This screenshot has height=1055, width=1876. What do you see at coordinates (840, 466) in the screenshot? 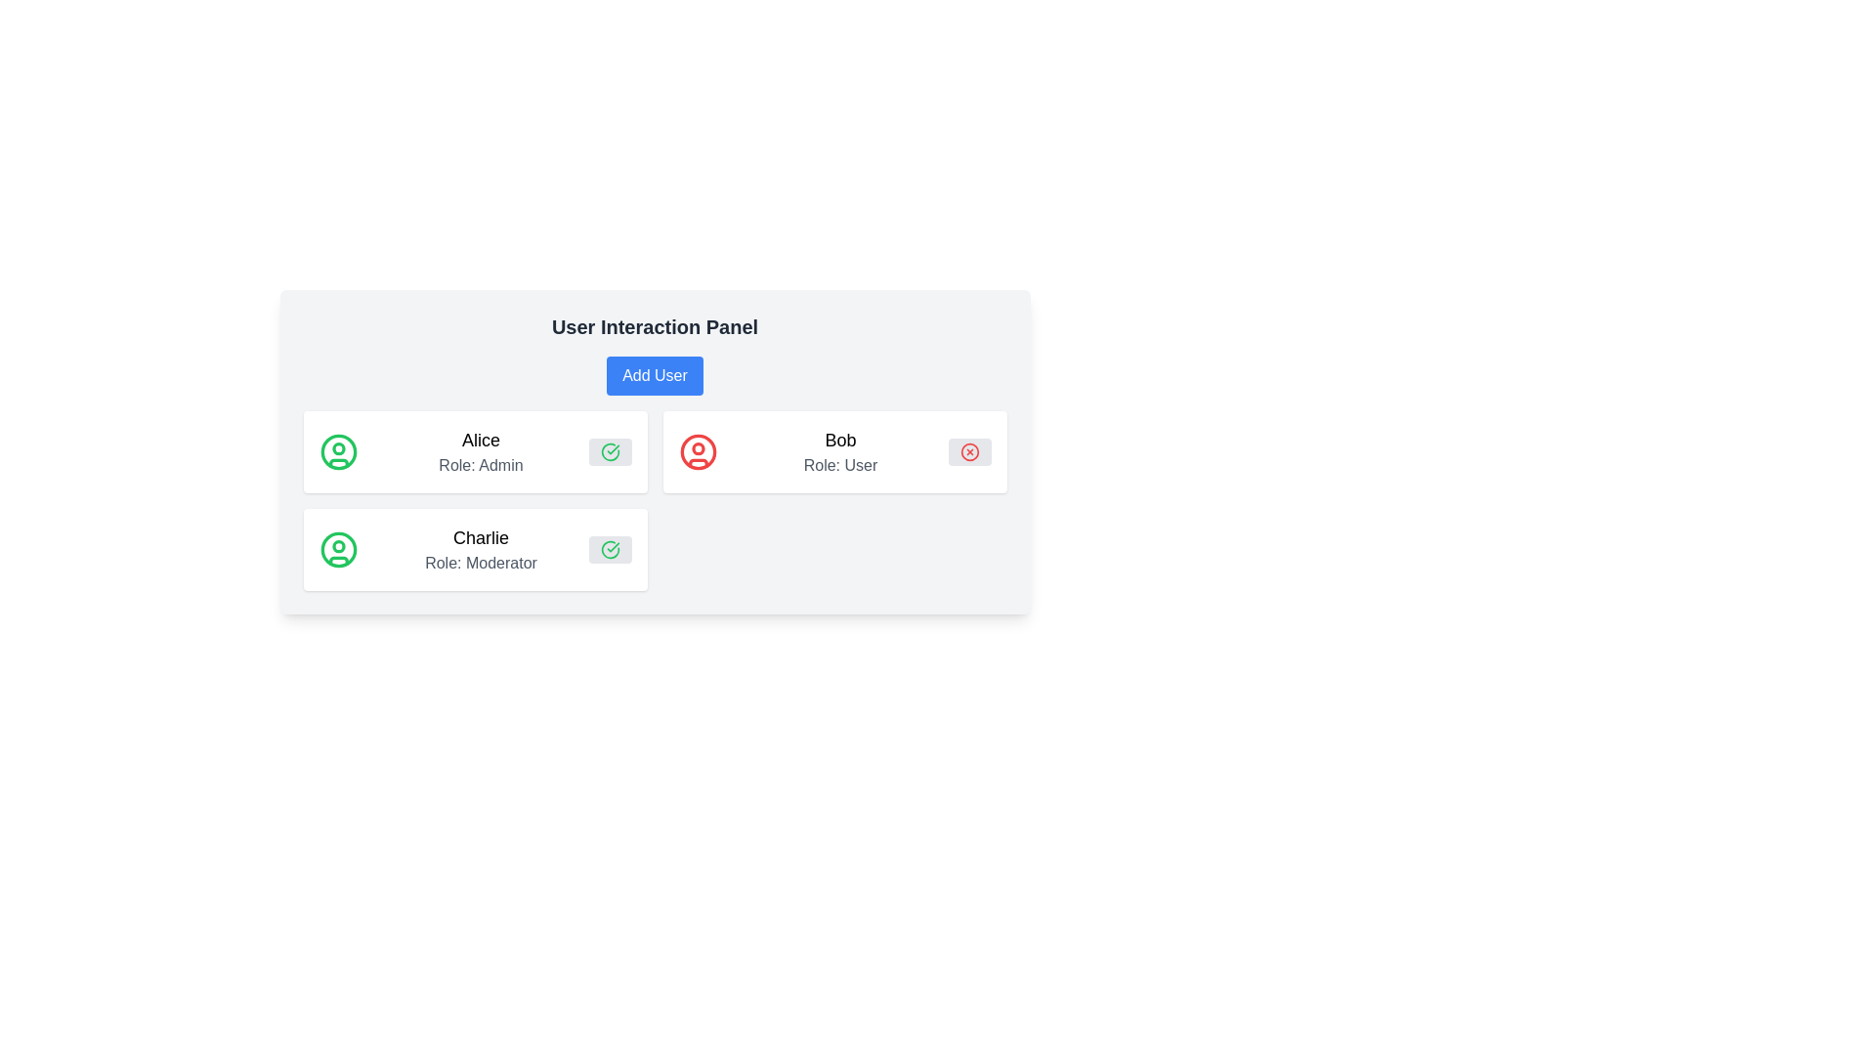
I see `the gray text label that reads 'Role: User', located below the name 'Bob' in the user information card` at bounding box center [840, 466].